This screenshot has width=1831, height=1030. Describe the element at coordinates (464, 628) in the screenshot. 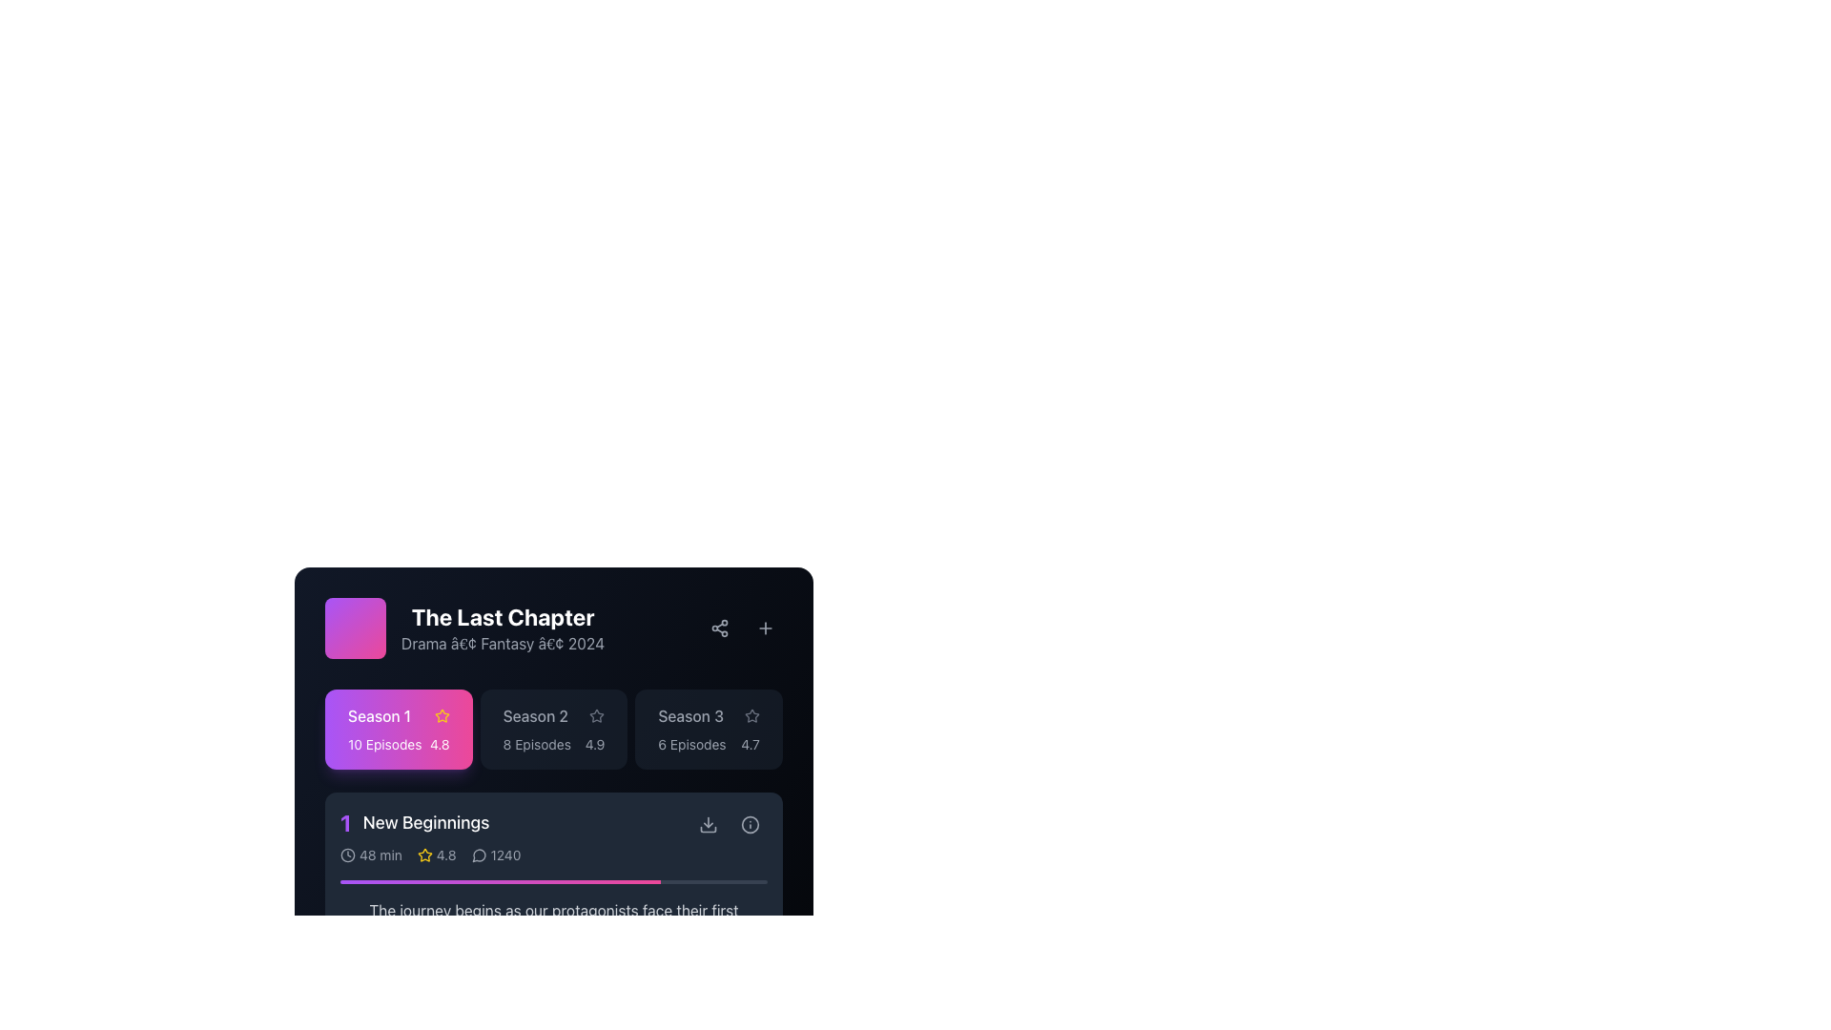

I see `the Informative text block displaying 'The Last Chapter' with a square gradient marker` at that location.